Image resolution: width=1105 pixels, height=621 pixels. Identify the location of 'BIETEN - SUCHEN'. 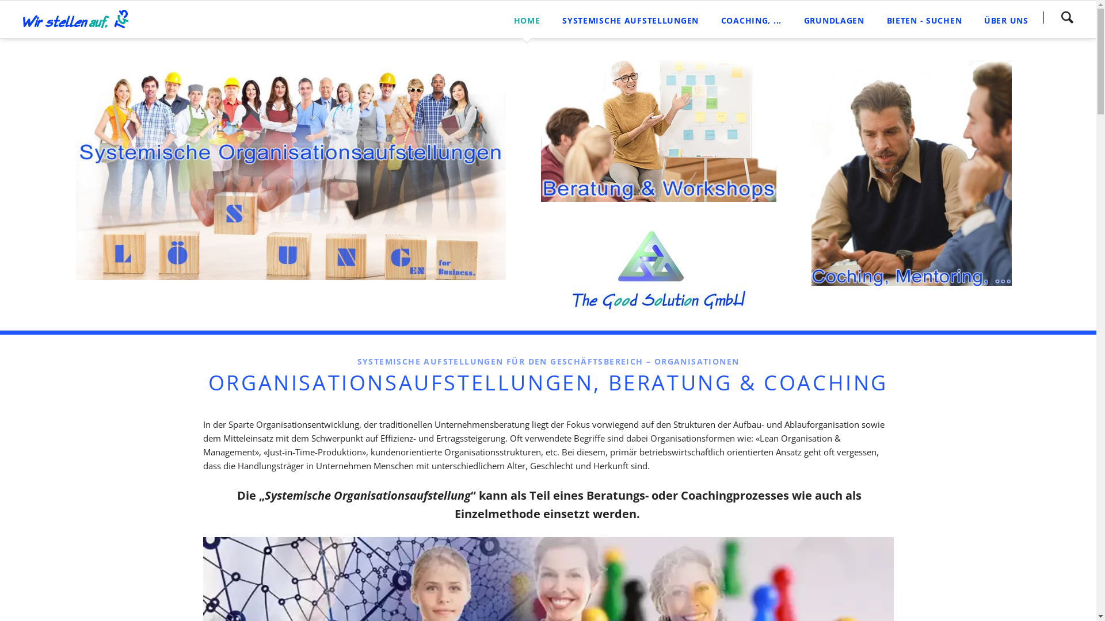
(924, 19).